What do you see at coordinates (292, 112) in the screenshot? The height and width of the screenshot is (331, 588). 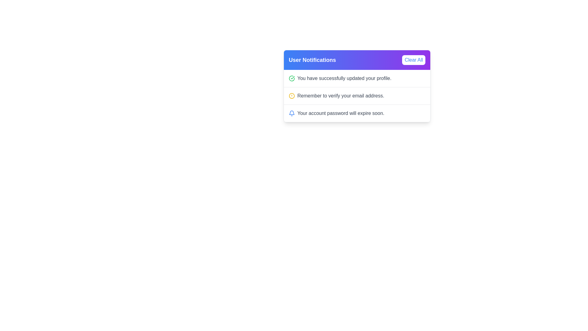 I see `the stylized bell icon in the header section, which is part of a visual component associated with alerts or updates` at bounding box center [292, 112].